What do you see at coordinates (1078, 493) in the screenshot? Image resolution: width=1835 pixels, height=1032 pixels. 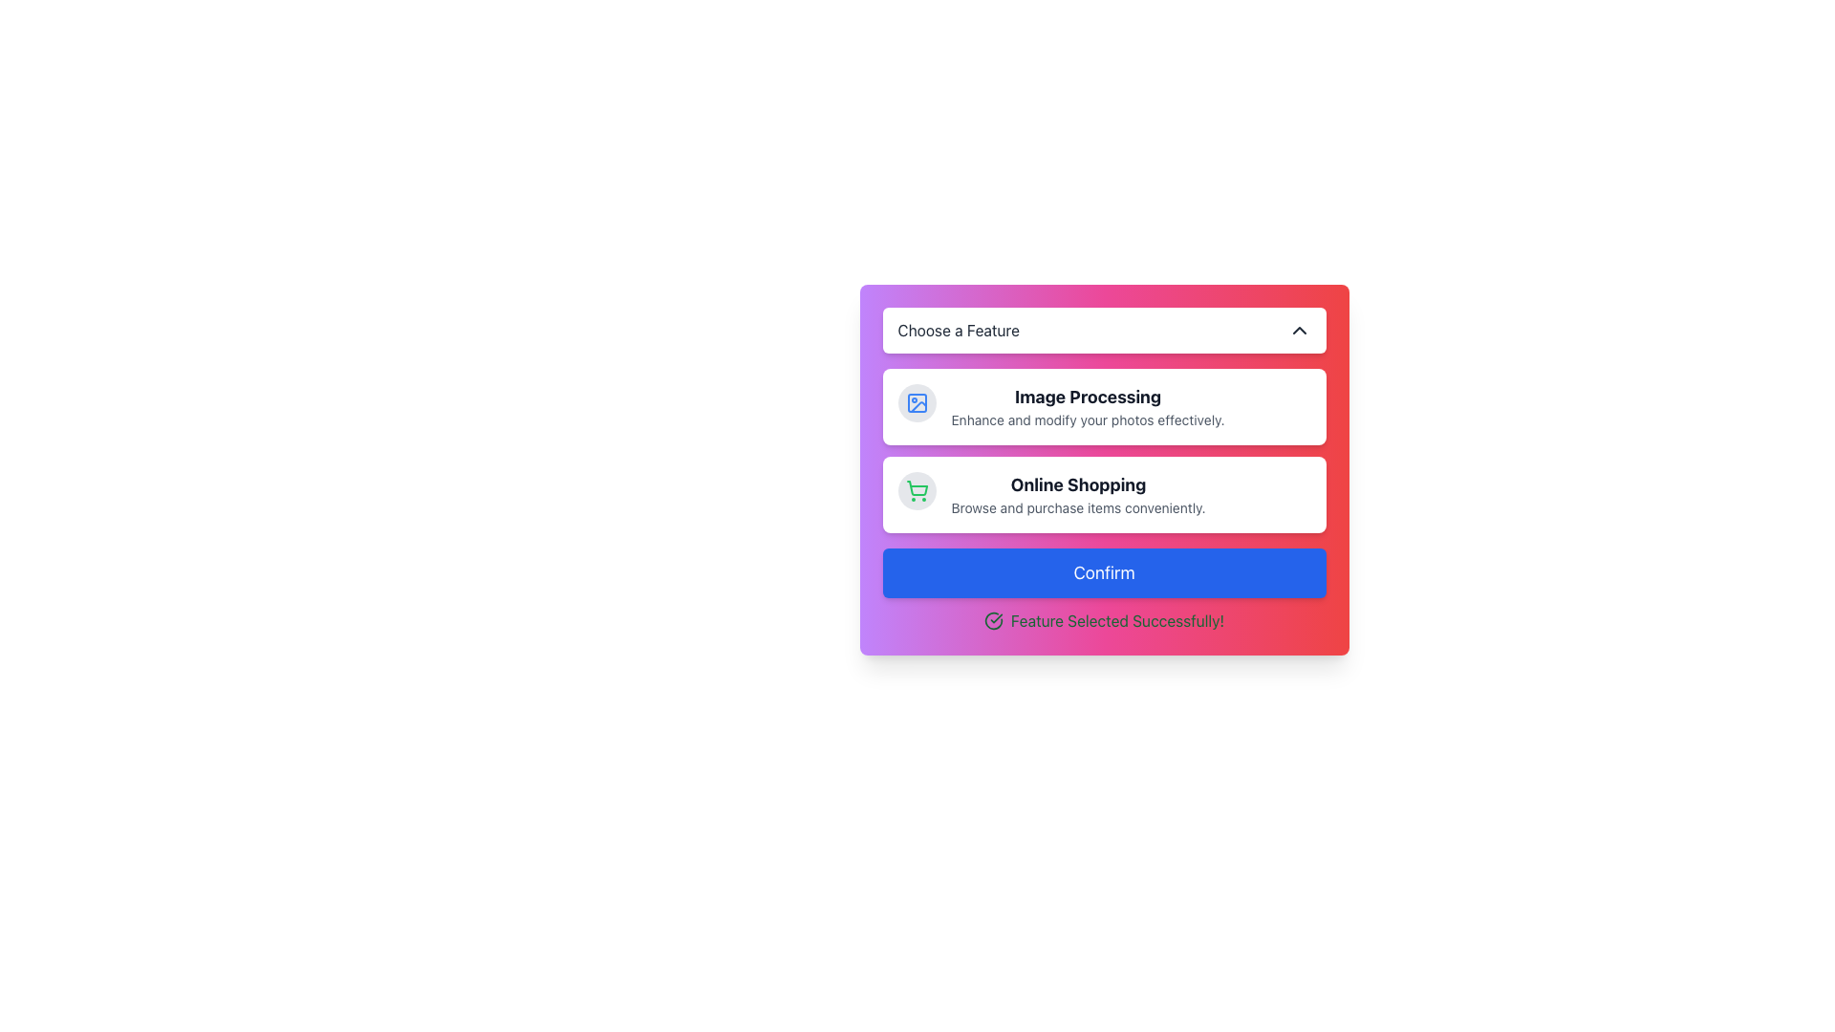 I see `the text element with the heading 'Online Shopping' and subtext 'Browse and purchase items conveniently', located in the middle of the feature selection panel` at bounding box center [1078, 493].